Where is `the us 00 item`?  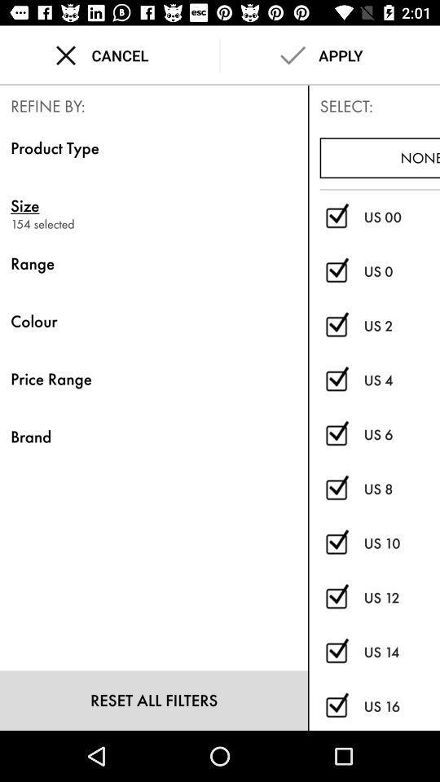
the us 00 item is located at coordinates (401, 216).